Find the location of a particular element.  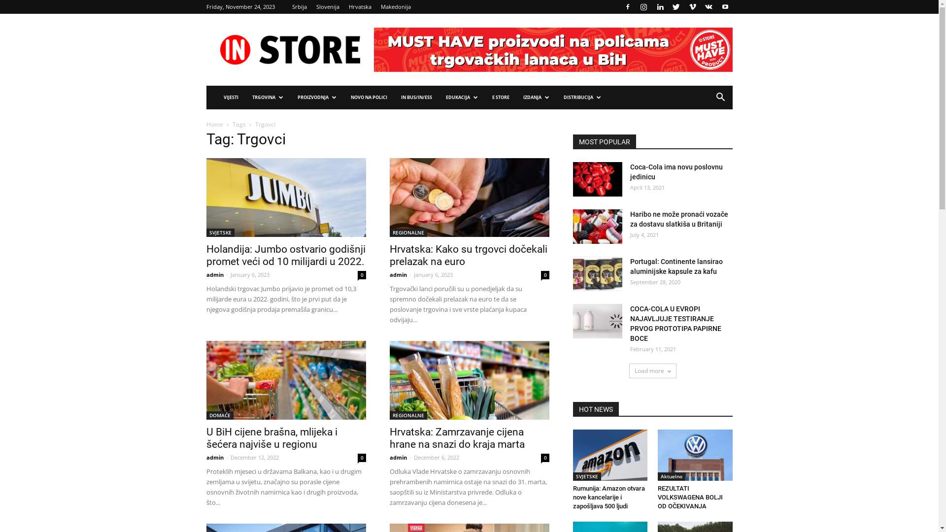

'Aktuelno' is located at coordinates (671, 476).